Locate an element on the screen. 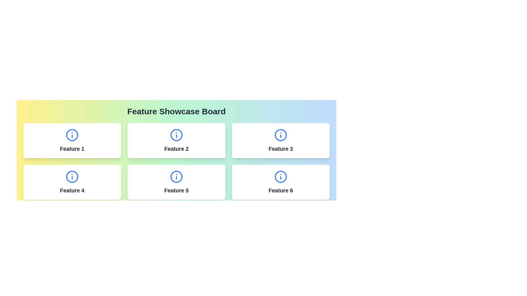 This screenshot has width=527, height=296. the Informational card for 'Feature 5' located in the second row and first column of the grid layout is located at coordinates (176, 182).